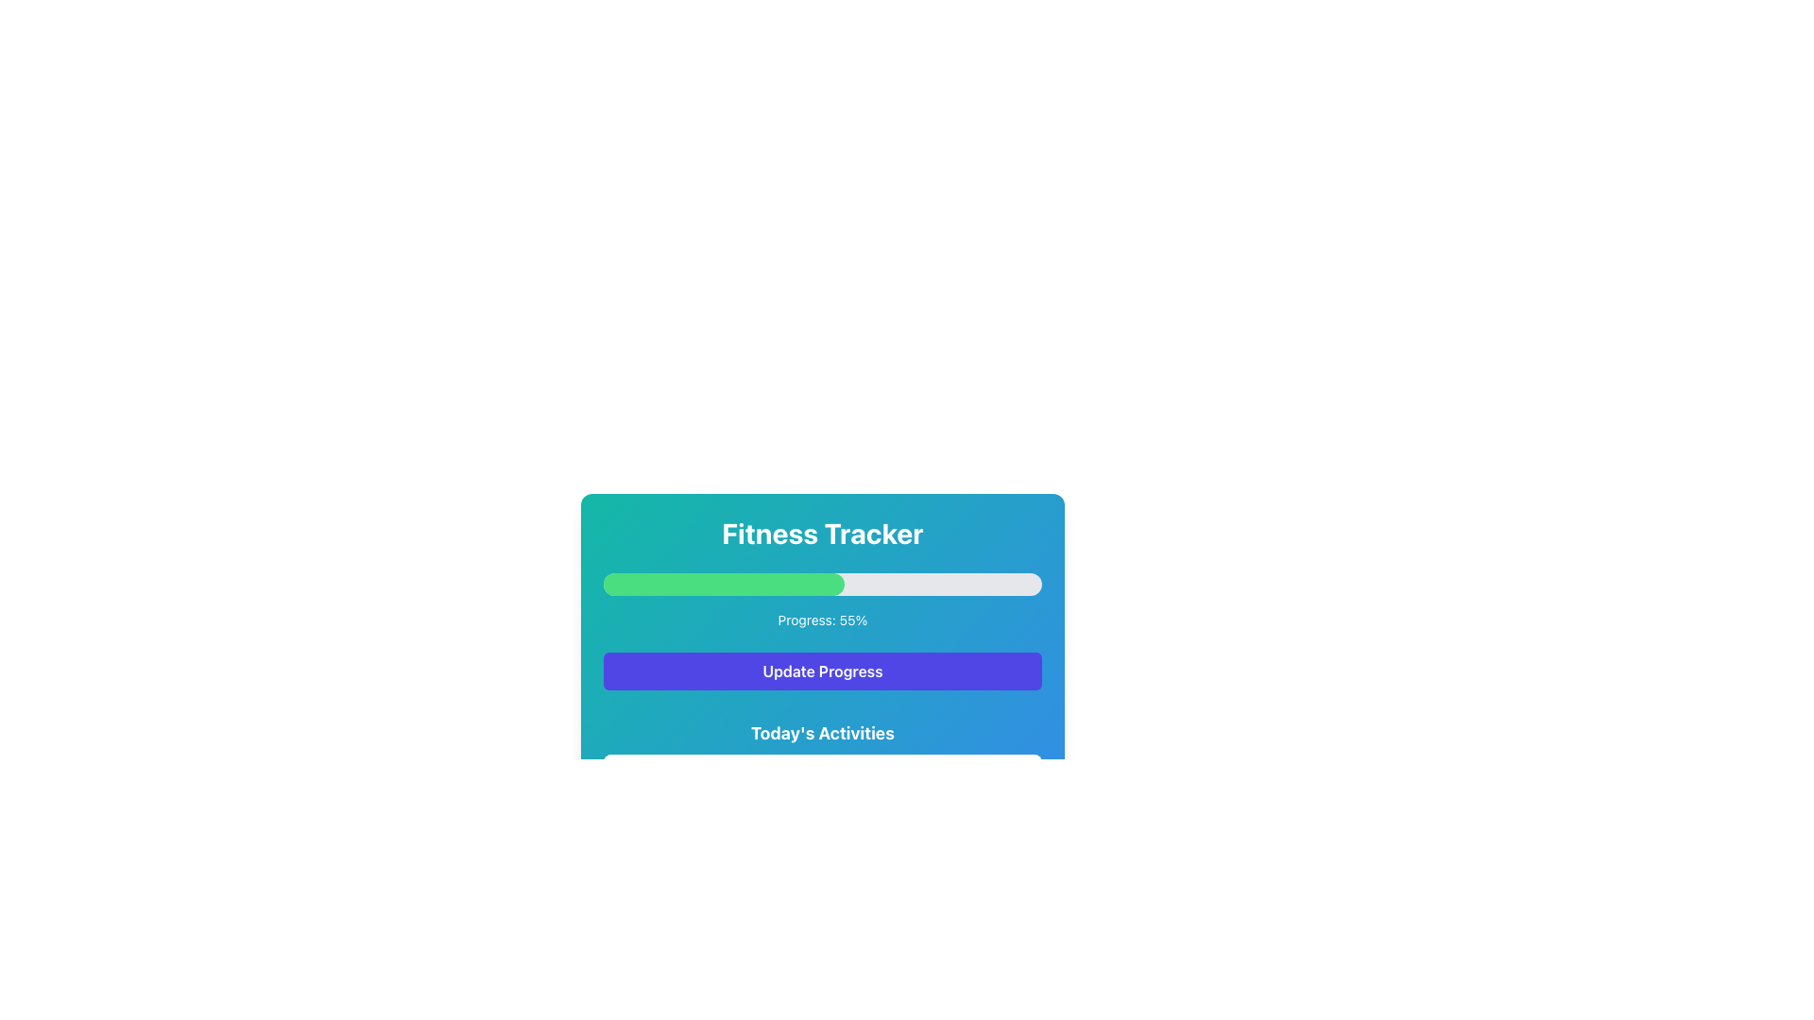 The width and height of the screenshot is (1814, 1020). I want to click on the button located just below the progress bar labeled 'Progress: 55%' to update progress within the application, so click(822, 670).